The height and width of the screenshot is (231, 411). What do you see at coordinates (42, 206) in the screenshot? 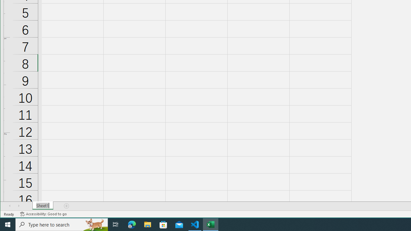
I see `'Sheet Tab'` at bounding box center [42, 206].